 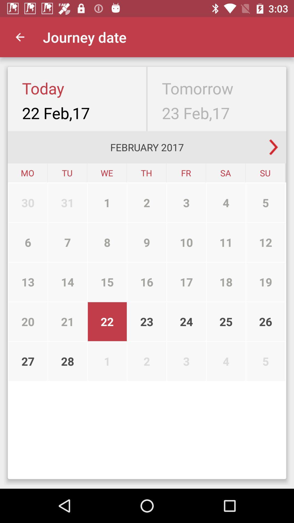 What do you see at coordinates (20, 37) in the screenshot?
I see `the app to the left of the journey date` at bounding box center [20, 37].